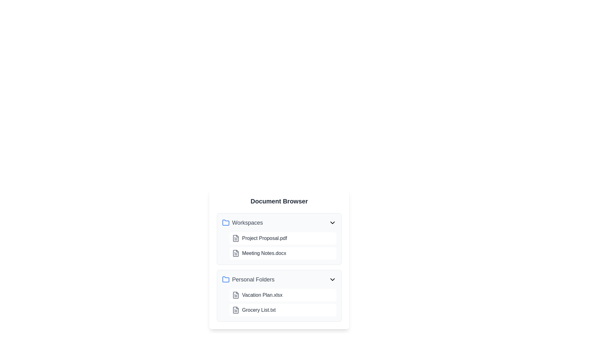 The width and height of the screenshot is (599, 337). I want to click on the text label representing the file 'Vacation Plan.xlsx', which is the first entry in the 'Personal Folders' section of the interface, so click(262, 295).